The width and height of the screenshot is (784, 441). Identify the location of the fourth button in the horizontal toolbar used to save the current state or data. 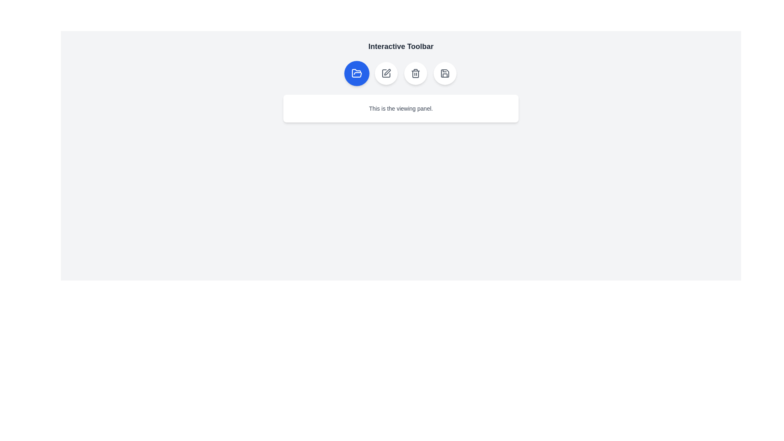
(444, 73).